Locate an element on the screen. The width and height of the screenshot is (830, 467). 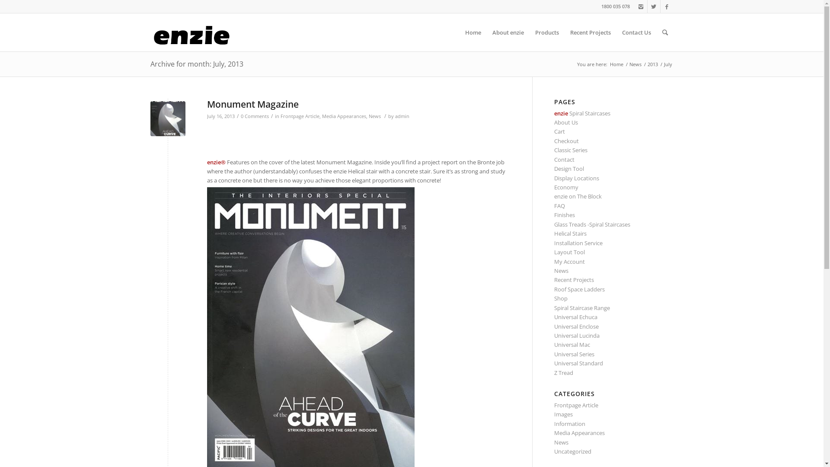
'News' is located at coordinates (635, 64).